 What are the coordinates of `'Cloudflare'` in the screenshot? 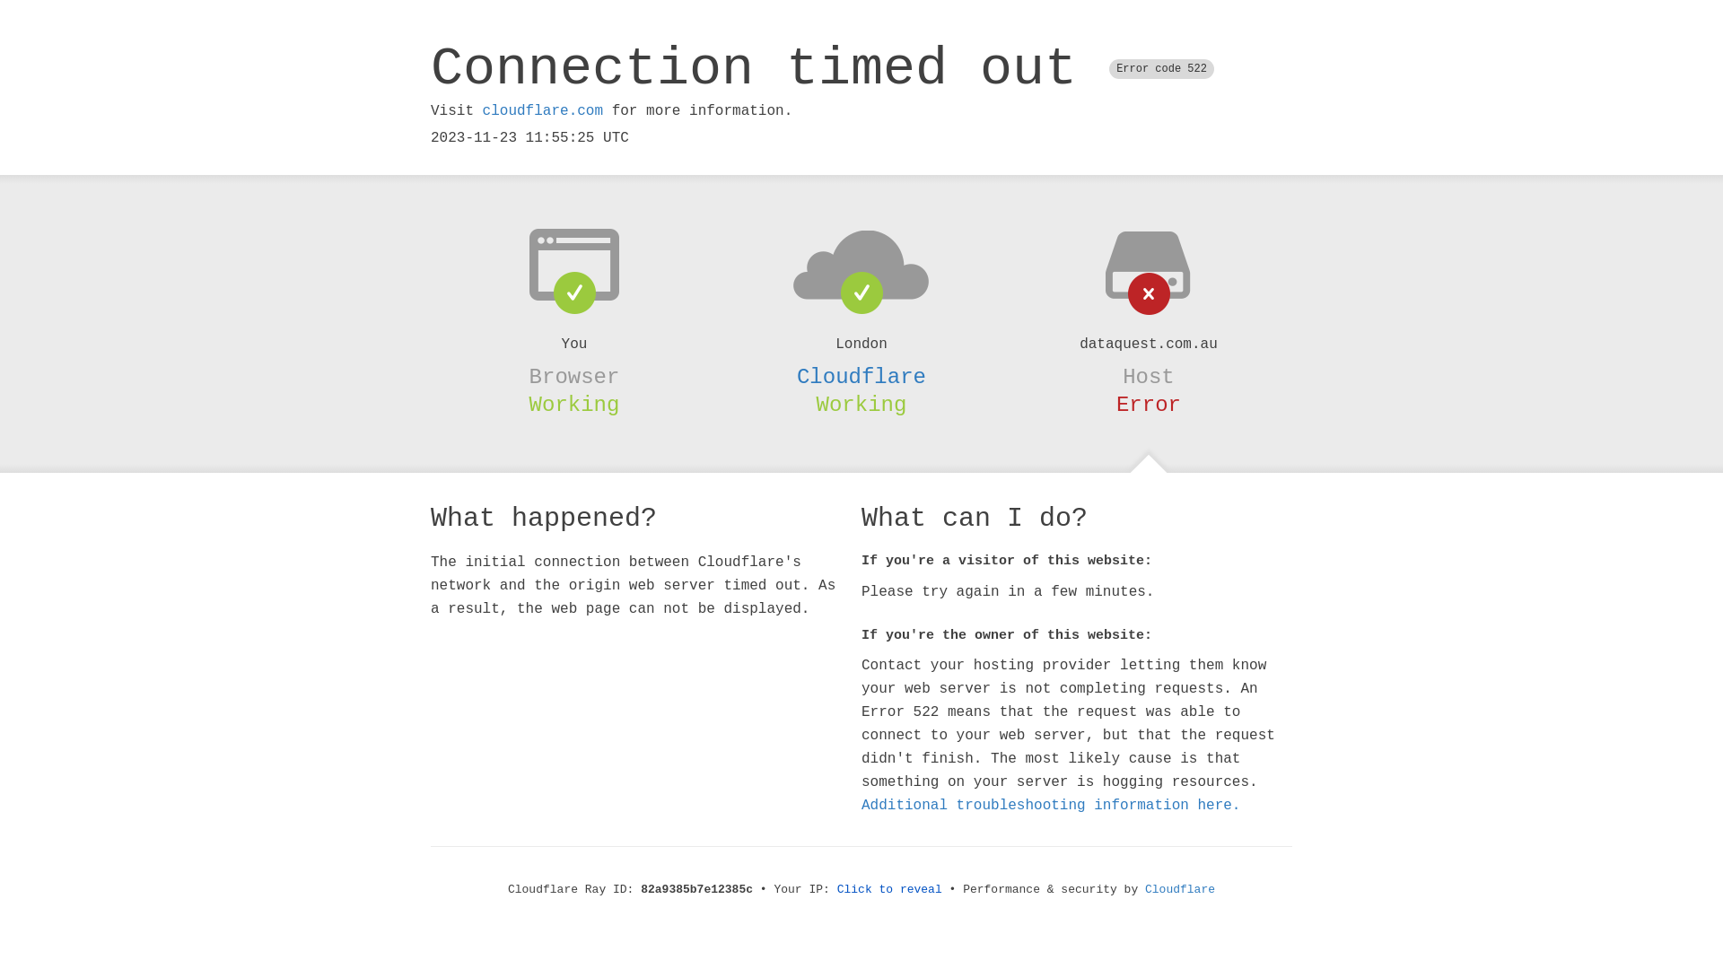 It's located at (796, 376).